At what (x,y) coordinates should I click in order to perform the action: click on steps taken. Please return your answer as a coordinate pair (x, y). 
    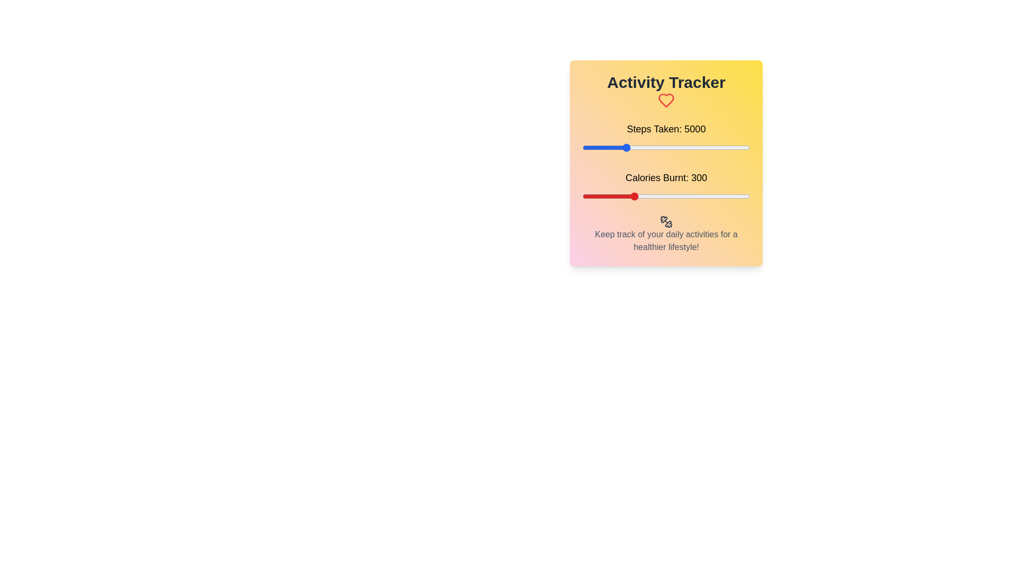
    Looking at the image, I should click on (616, 147).